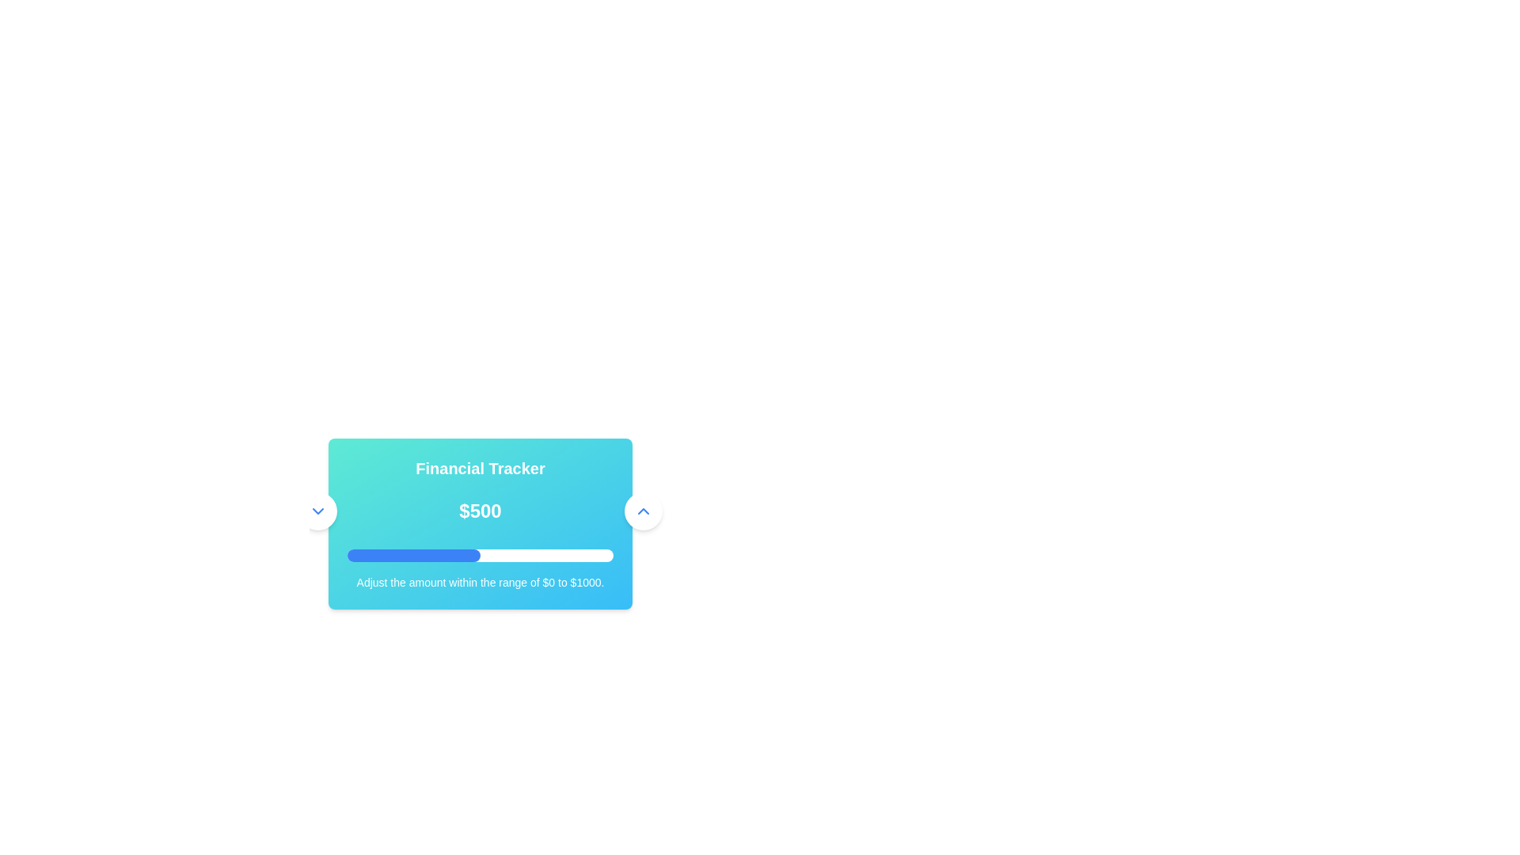 This screenshot has width=1520, height=855. Describe the element at coordinates (317, 511) in the screenshot. I see `the blue circular button with a downward pointing chevron icon located beneath the 'Financial Tracker' title` at that location.